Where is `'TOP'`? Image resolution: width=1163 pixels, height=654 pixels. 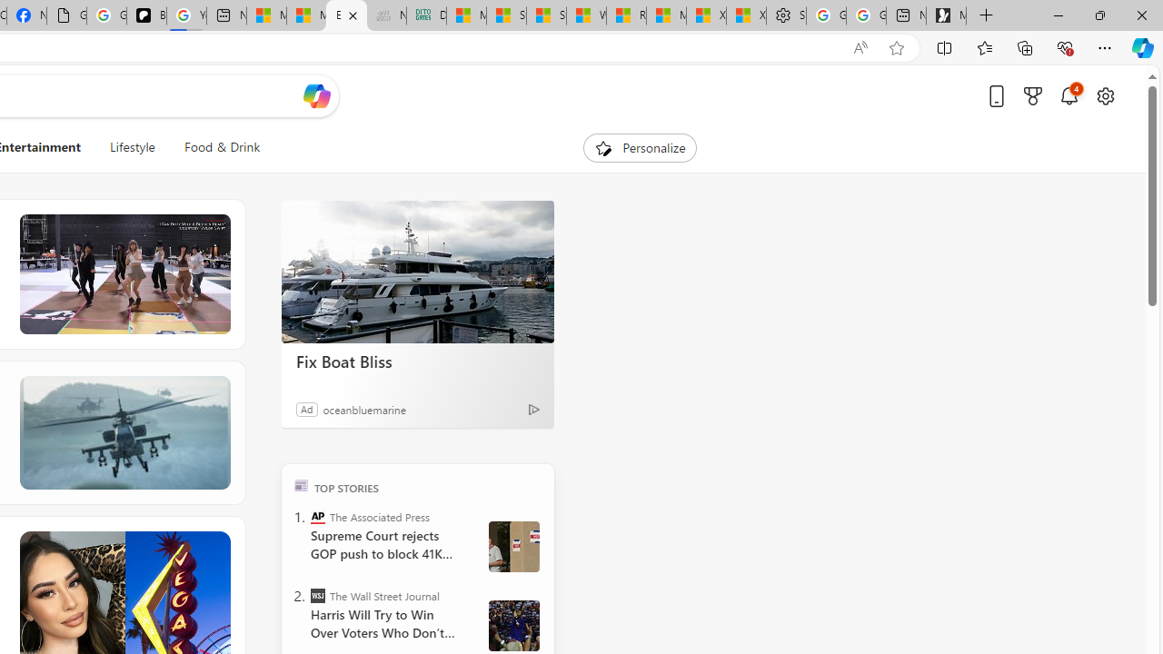 'TOP' is located at coordinates (302, 484).